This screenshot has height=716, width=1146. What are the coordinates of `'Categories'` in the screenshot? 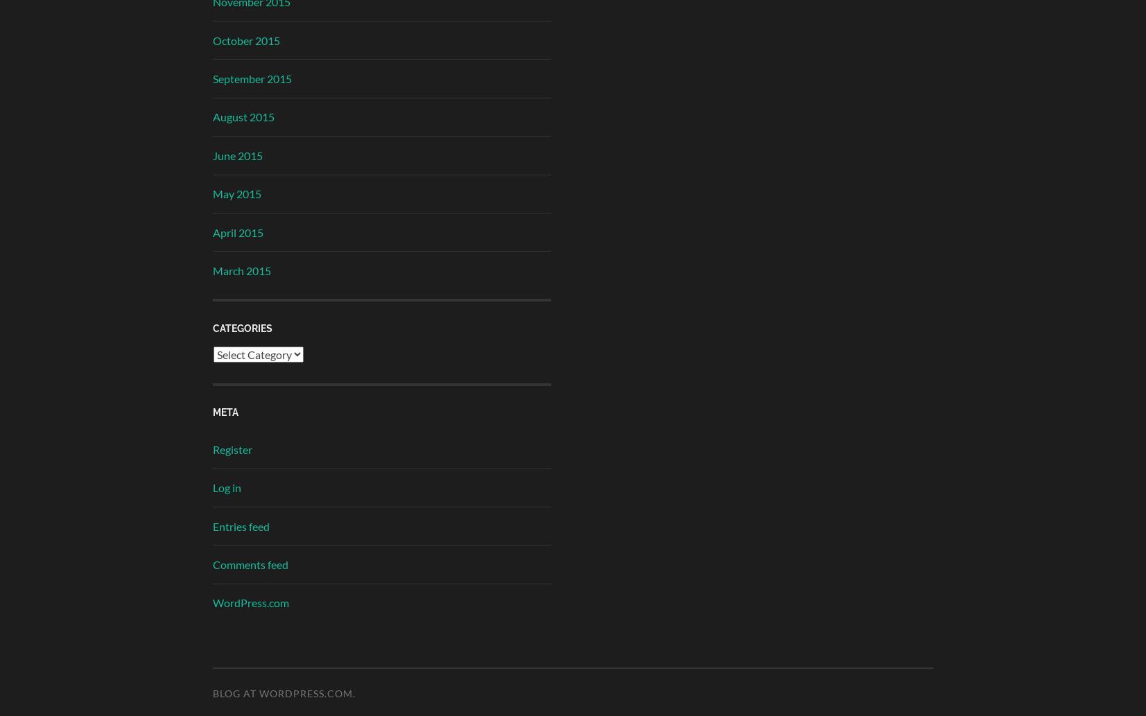 It's located at (241, 328).